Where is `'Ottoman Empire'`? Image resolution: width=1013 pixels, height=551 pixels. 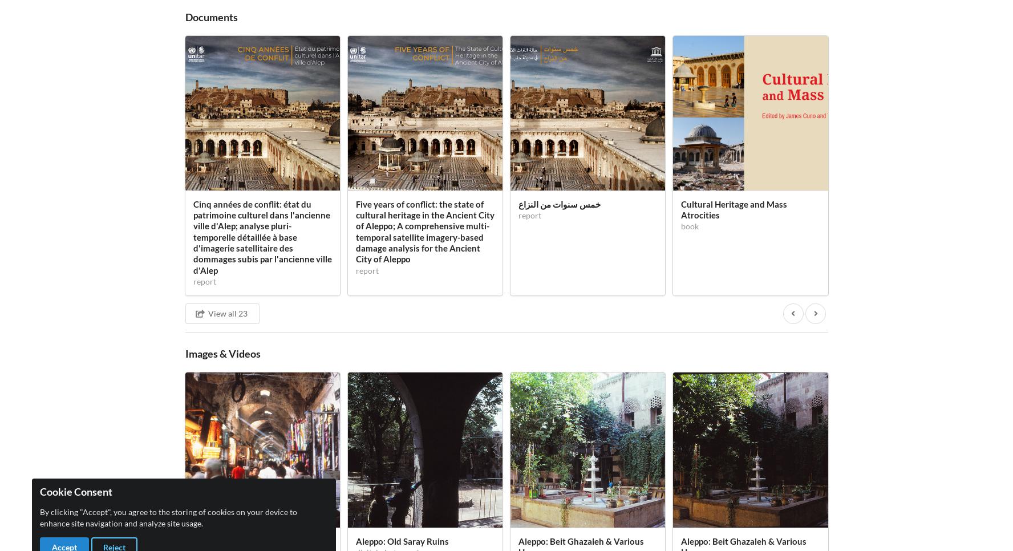 'Ottoman Empire' is located at coordinates (313, 121).